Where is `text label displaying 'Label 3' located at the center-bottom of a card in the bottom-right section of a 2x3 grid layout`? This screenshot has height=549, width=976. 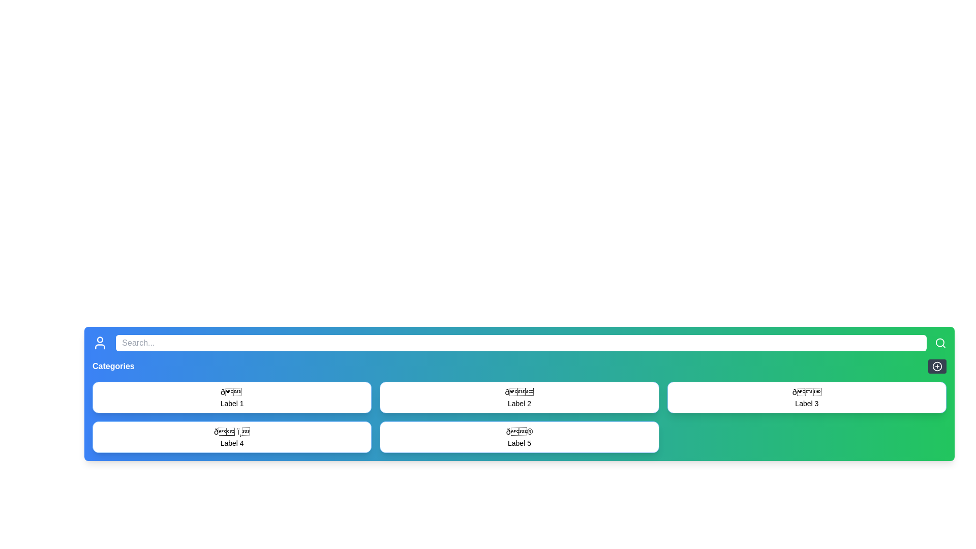 text label displaying 'Label 3' located at the center-bottom of a card in the bottom-right section of a 2x3 grid layout is located at coordinates (806, 403).